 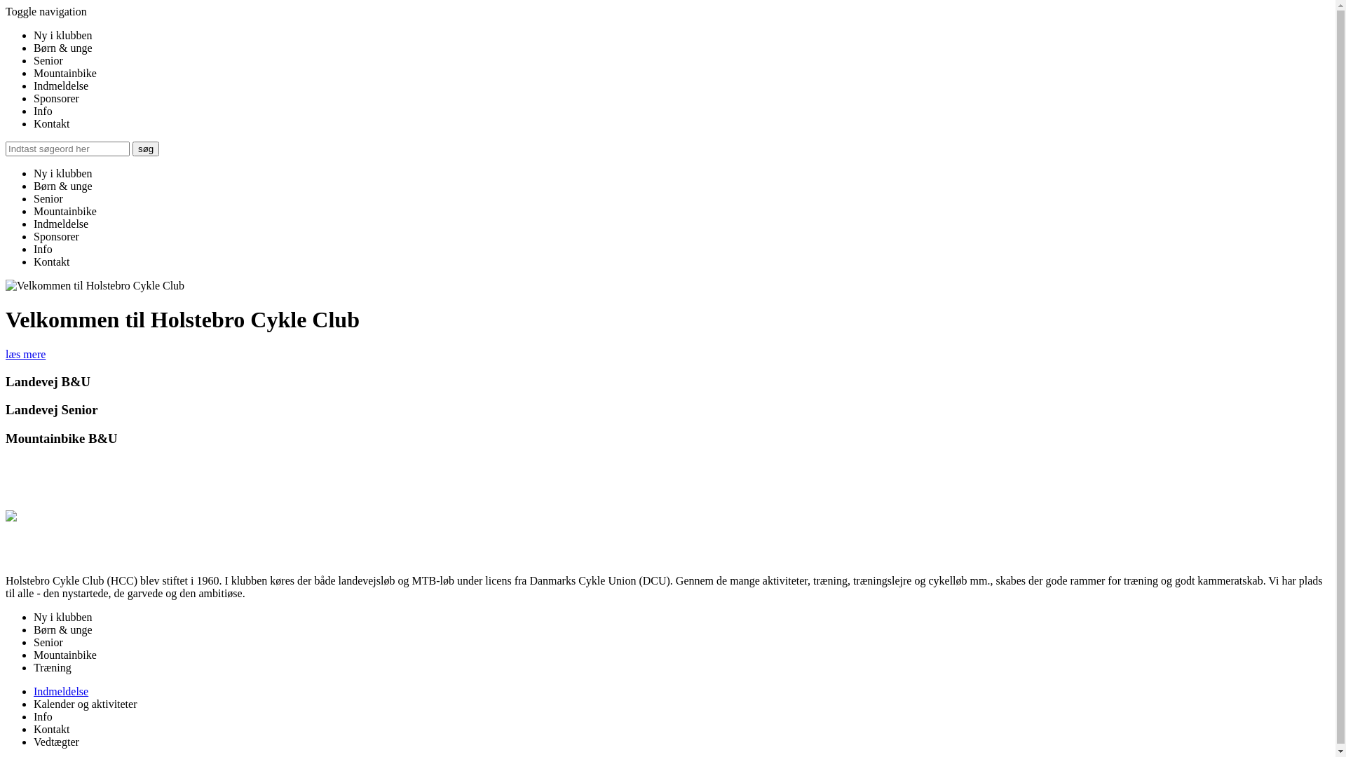 I want to click on 'Sponsorer', so click(x=56, y=236).